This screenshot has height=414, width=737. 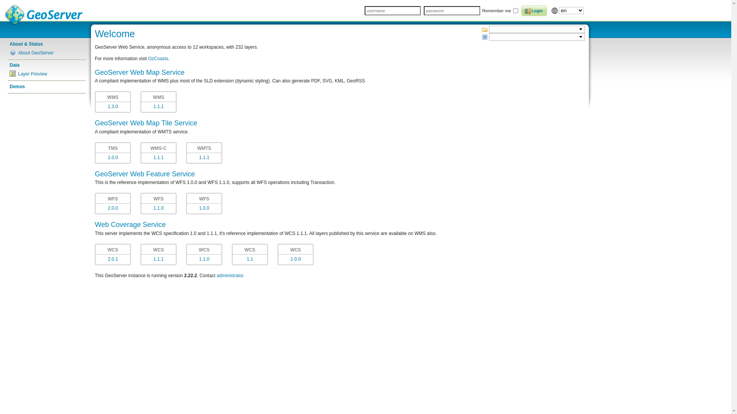 I want to click on 'Layer', so click(x=481, y=37).